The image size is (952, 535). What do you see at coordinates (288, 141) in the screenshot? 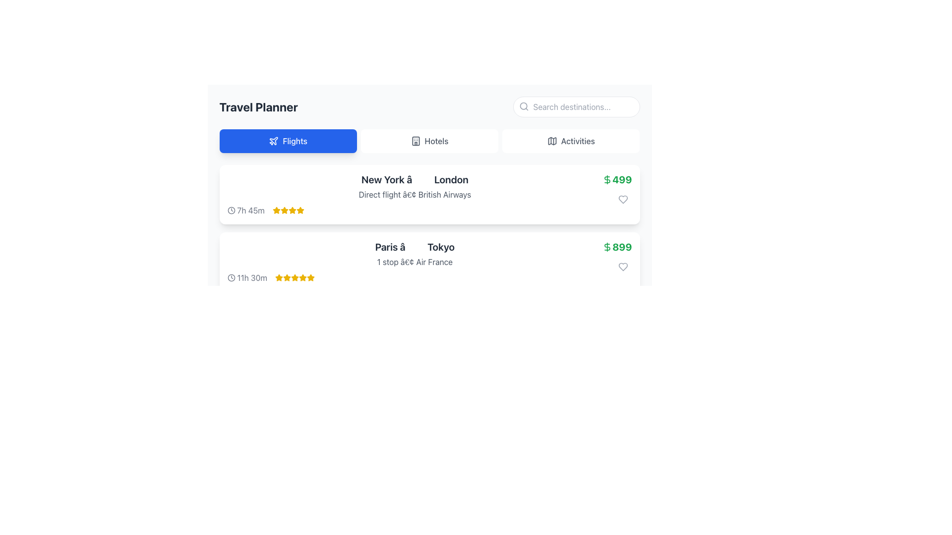
I see `the first navigation button below the 'Travel Planner' heading` at bounding box center [288, 141].